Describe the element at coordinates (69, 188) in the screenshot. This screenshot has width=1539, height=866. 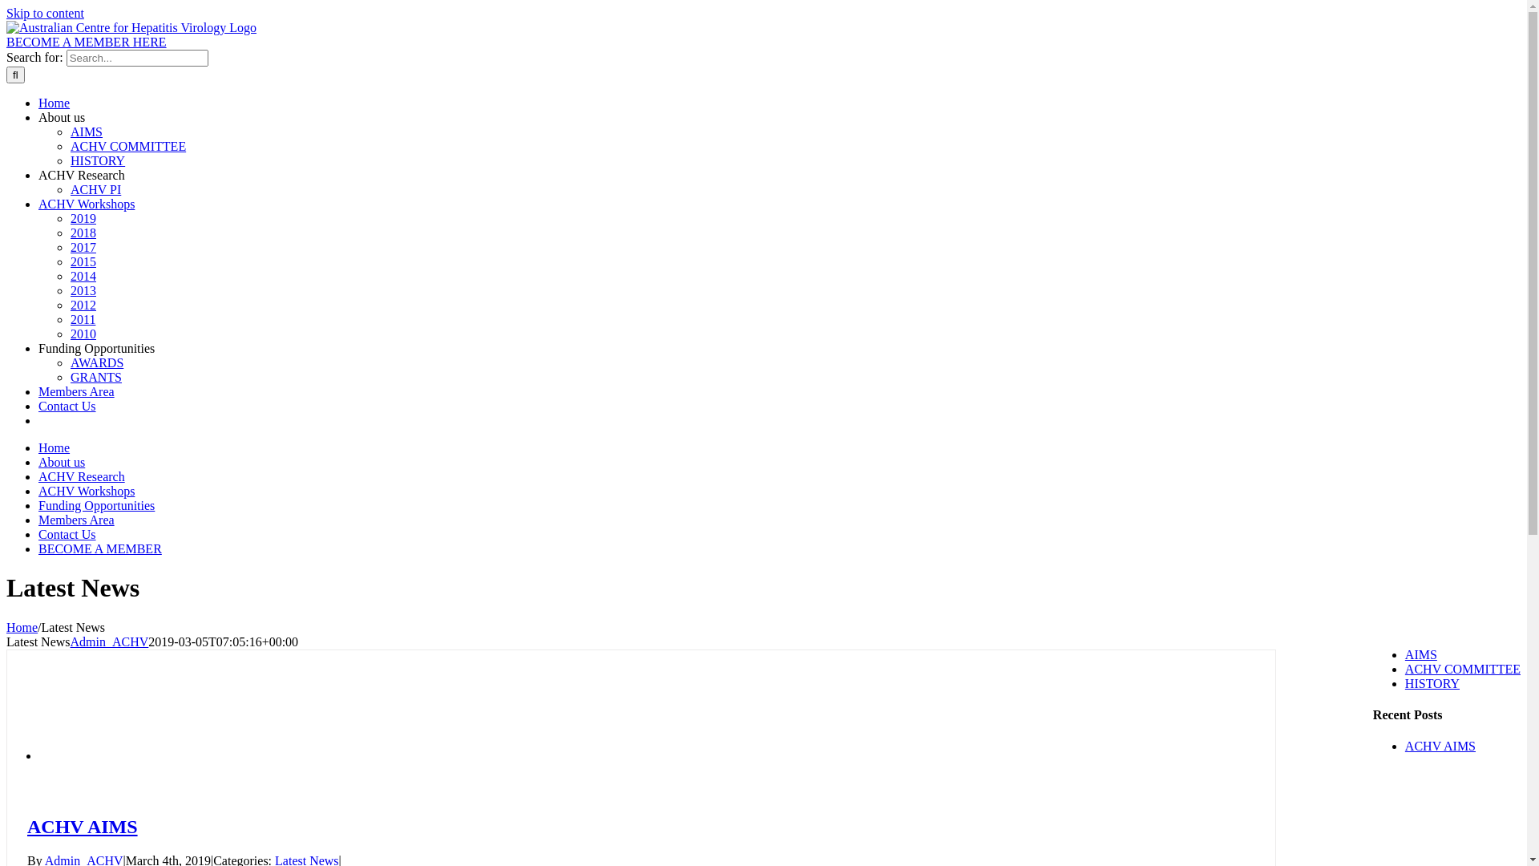
I see `'ACHV PI'` at that location.